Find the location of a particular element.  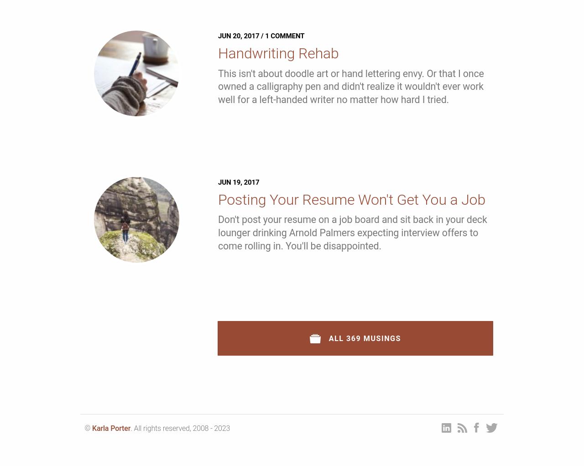

'Jun 19, 2017' is located at coordinates (238, 181).